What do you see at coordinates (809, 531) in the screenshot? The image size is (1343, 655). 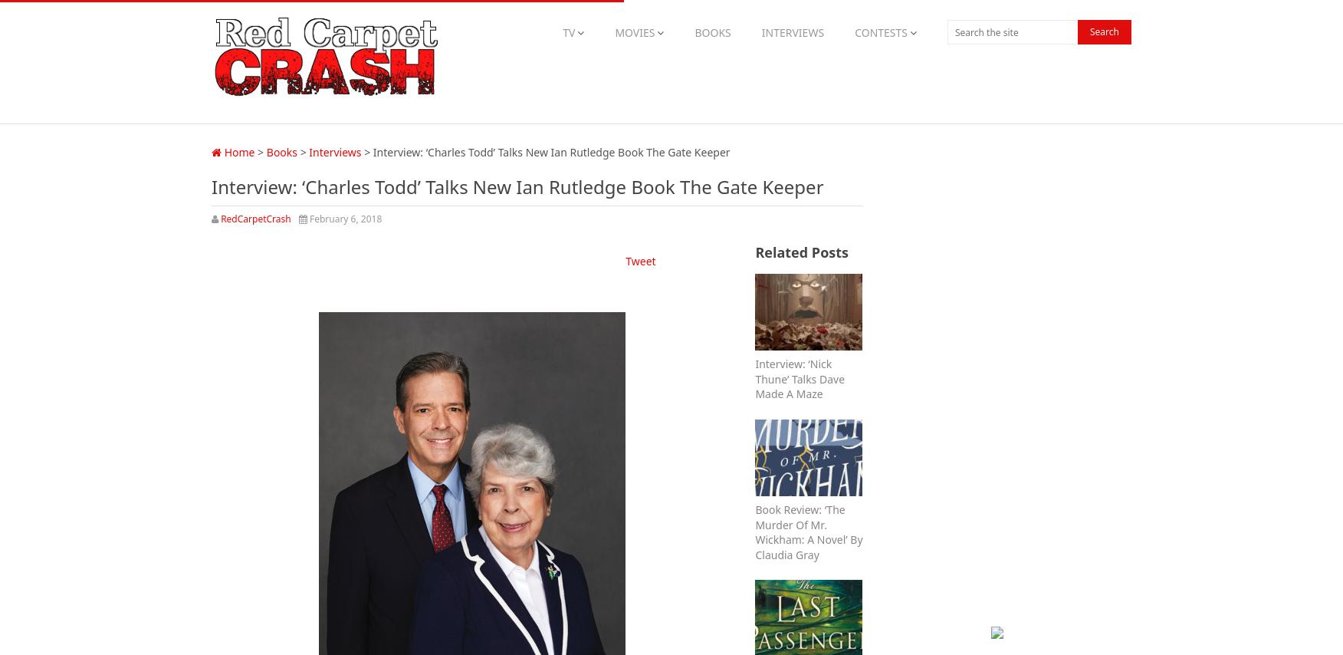 I see `'Book Review: ‘The Murder Of Mr. Wickham: A Novel’ By Claudia Gray'` at bounding box center [809, 531].